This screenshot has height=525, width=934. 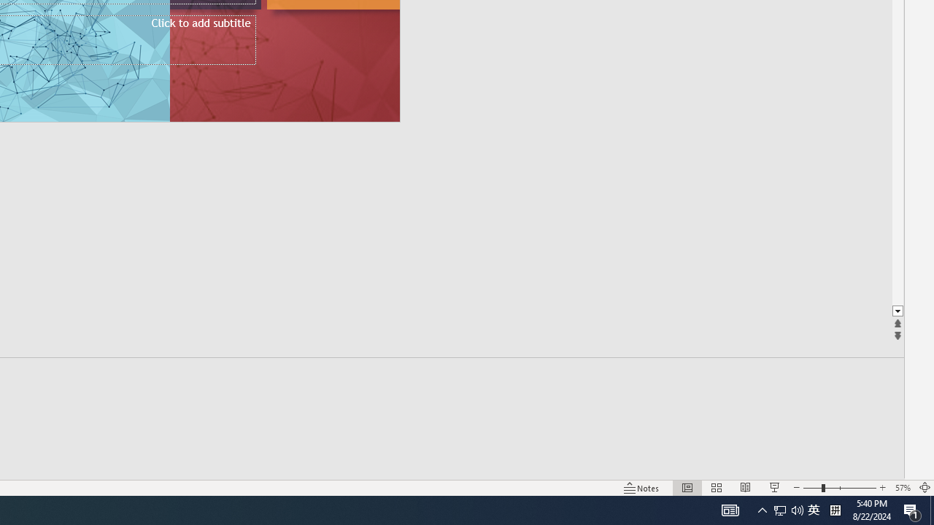 What do you see at coordinates (902, 488) in the screenshot?
I see `'Zoom 57%'` at bounding box center [902, 488].